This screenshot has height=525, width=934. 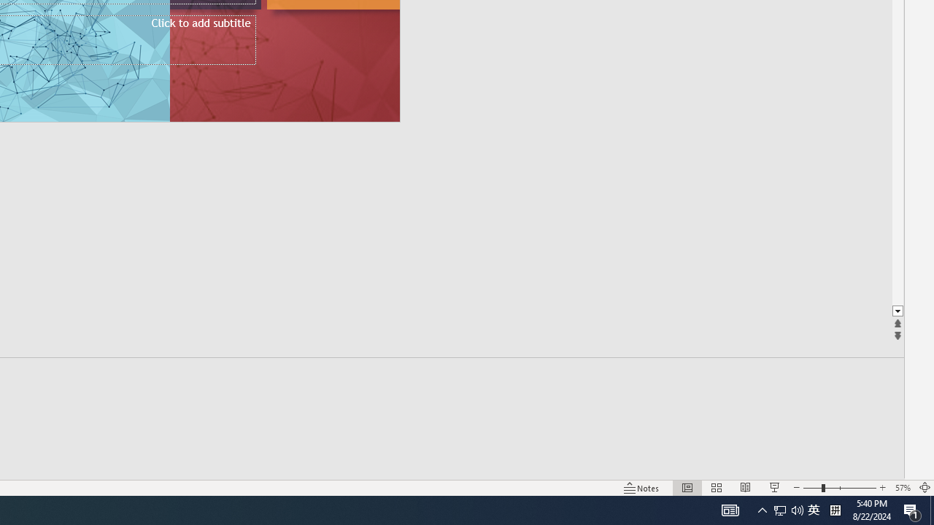 What do you see at coordinates (902, 488) in the screenshot?
I see `'Zoom 57%'` at bounding box center [902, 488].